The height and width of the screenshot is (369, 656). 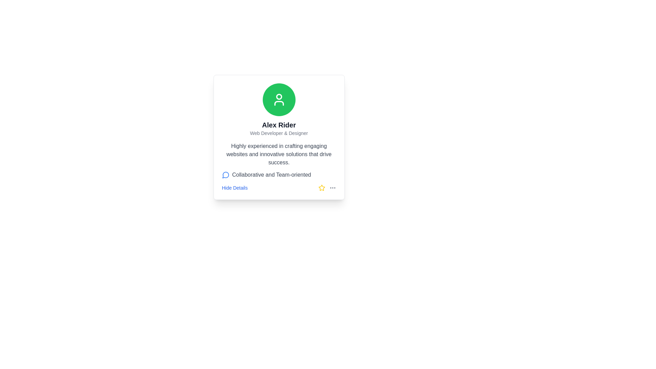 What do you see at coordinates (321, 188) in the screenshot?
I see `the star icon, which is a yellow five-pointed star with a hollow center located at the bottom-right corner of the user profile card` at bounding box center [321, 188].